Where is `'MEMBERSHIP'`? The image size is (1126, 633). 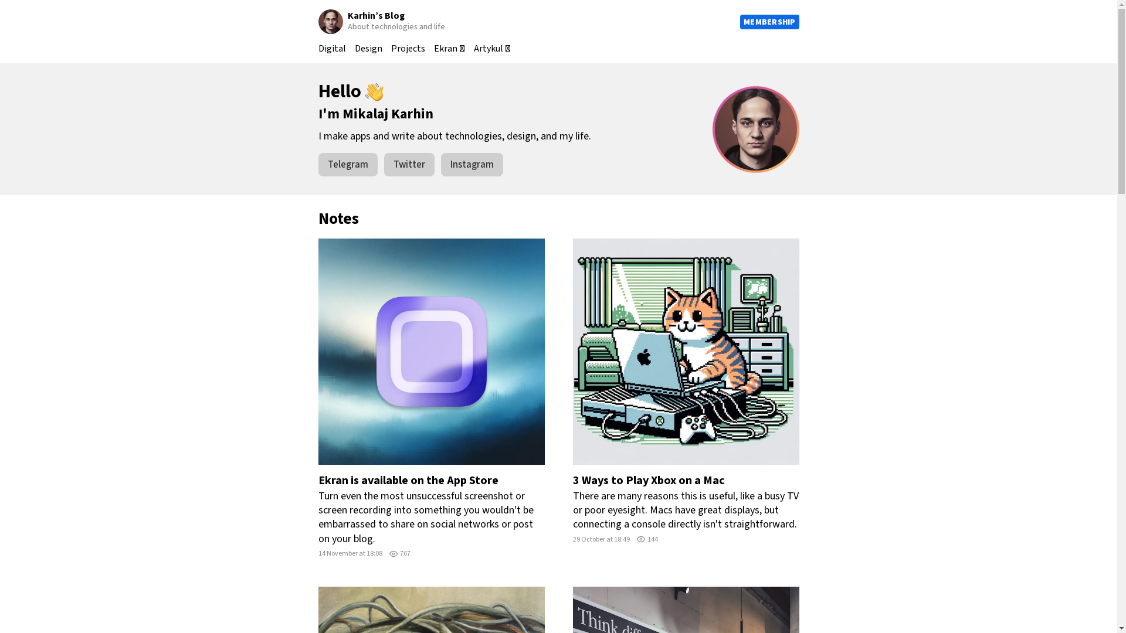
'MEMBERSHIP' is located at coordinates (769, 21).